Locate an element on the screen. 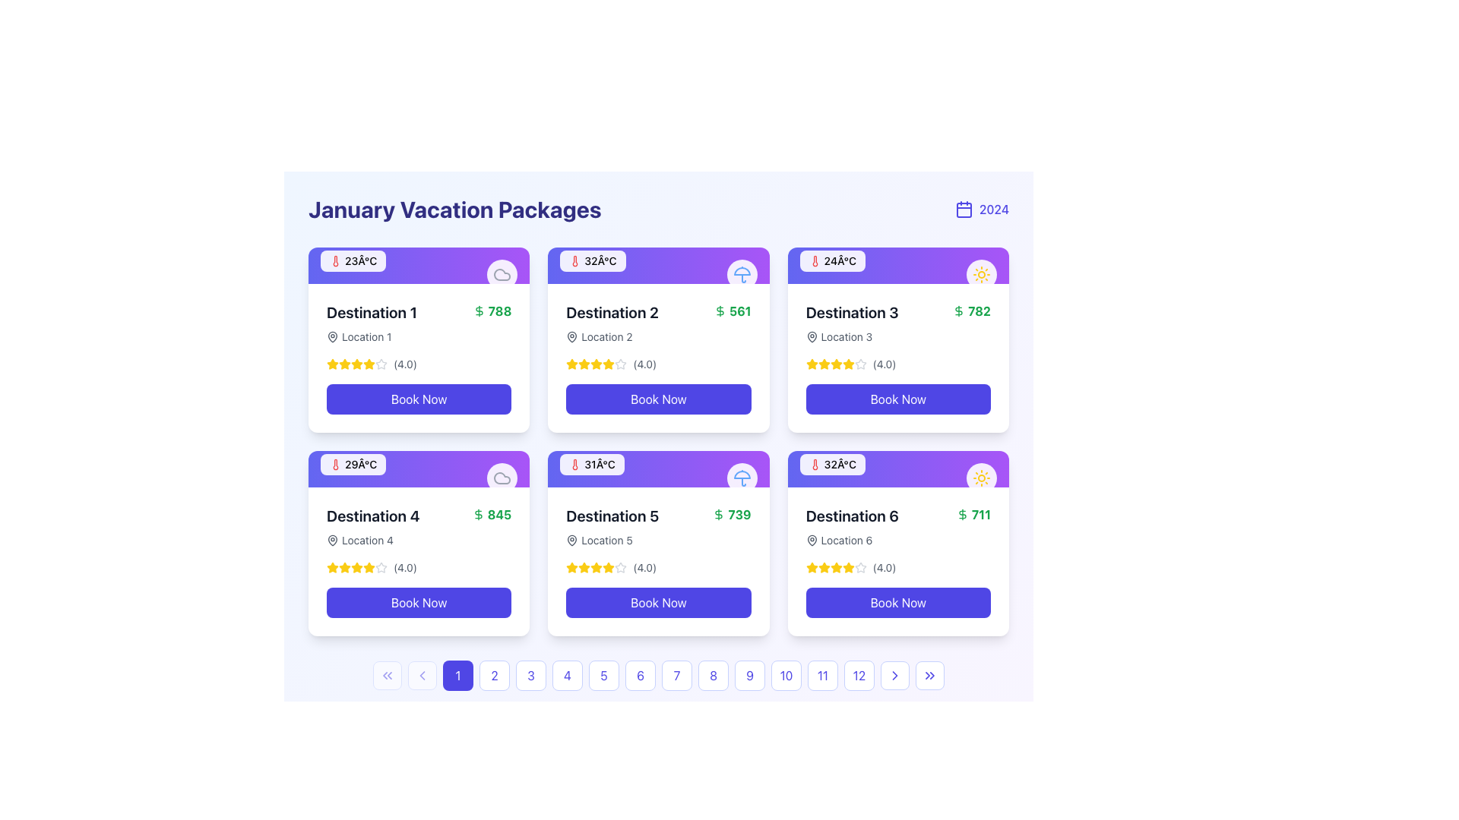  the 'Book Now' button located at the bottom of the Informational card about 'Destination 5' is located at coordinates (659, 562).